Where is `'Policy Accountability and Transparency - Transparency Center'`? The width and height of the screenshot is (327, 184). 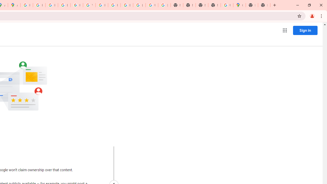 'Policy Accountability and Transparency - Transparency Center' is located at coordinates (26, 5).